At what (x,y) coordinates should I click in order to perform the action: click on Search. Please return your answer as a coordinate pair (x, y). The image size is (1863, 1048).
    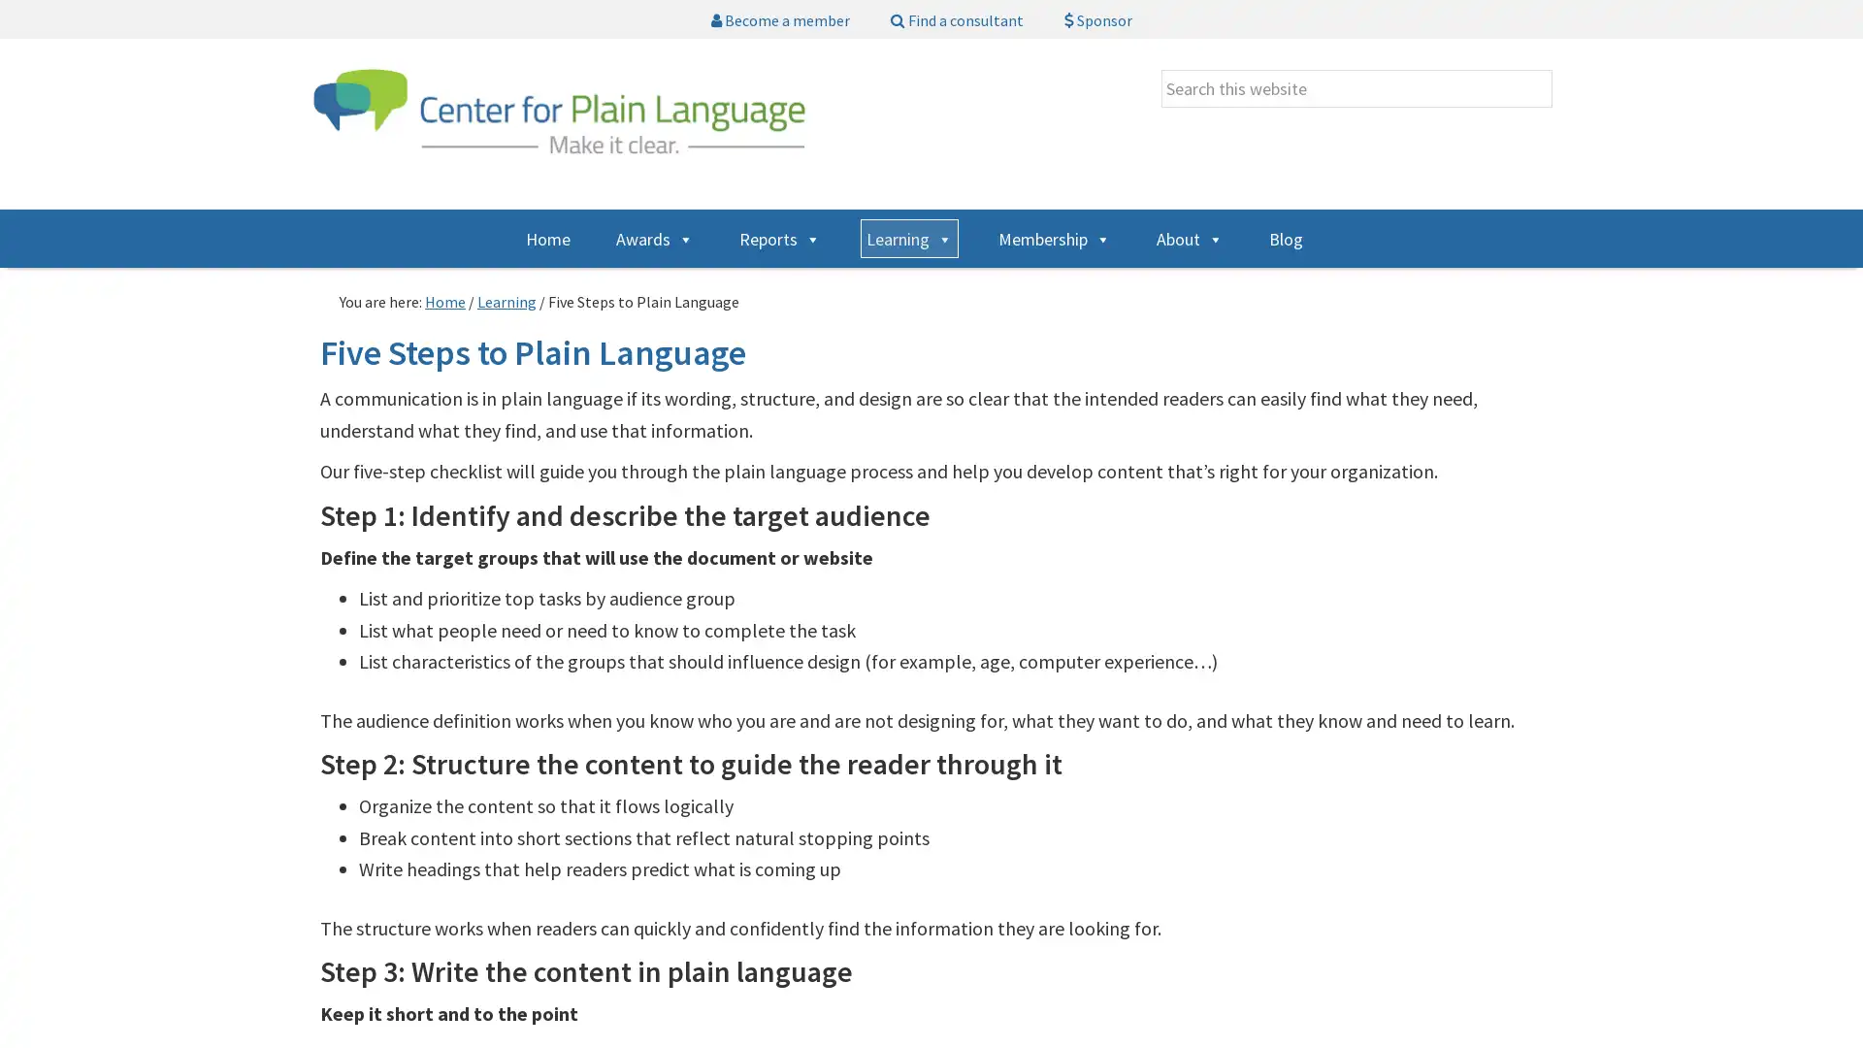
    Looking at the image, I should click on (1551, 68).